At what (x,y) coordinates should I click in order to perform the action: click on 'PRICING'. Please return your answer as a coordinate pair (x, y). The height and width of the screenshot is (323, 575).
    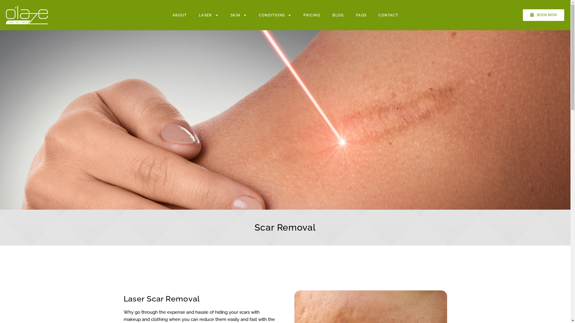
    Looking at the image, I should click on (311, 15).